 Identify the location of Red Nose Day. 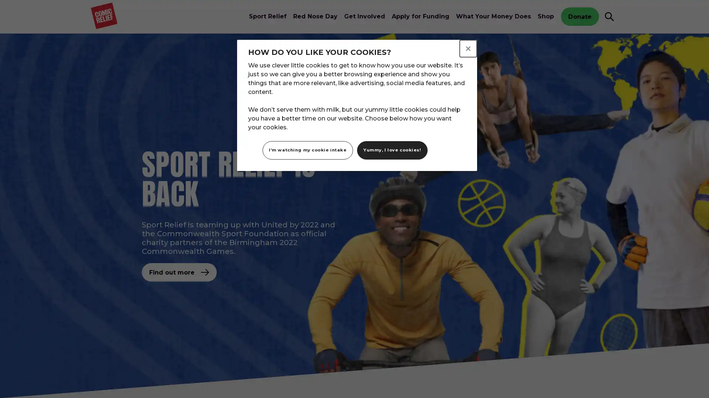
(315, 17).